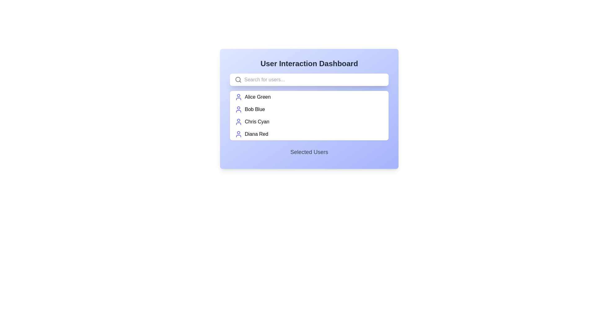 This screenshot has width=595, height=334. What do you see at coordinates (309, 153) in the screenshot?
I see `the 'Selected Users' text label displayed in medium gray font, located at the bottom of the card UI component` at bounding box center [309, 153].